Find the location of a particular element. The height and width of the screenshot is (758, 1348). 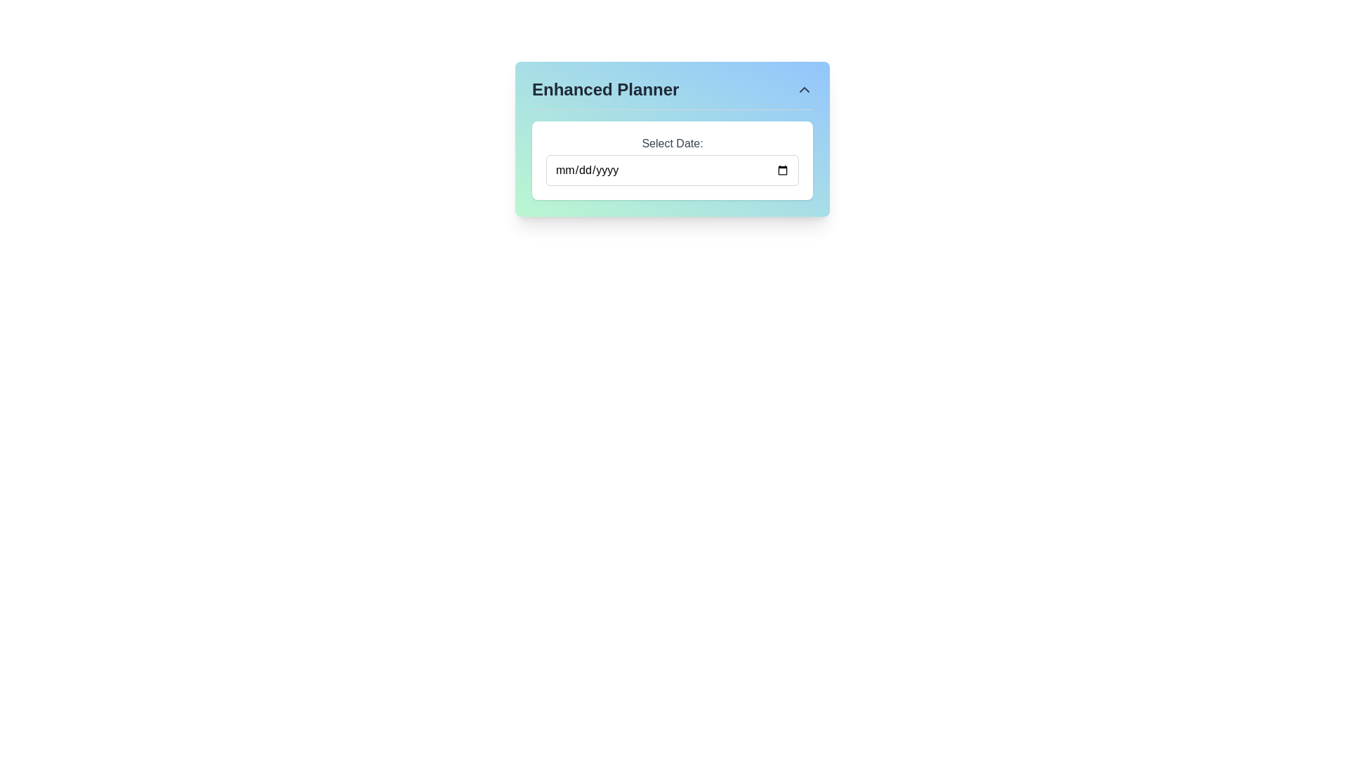

the text label displaying 'Enhanced Planner' located at the top left corner of the header section of the card-like layout is located at coordinates (605, 89).